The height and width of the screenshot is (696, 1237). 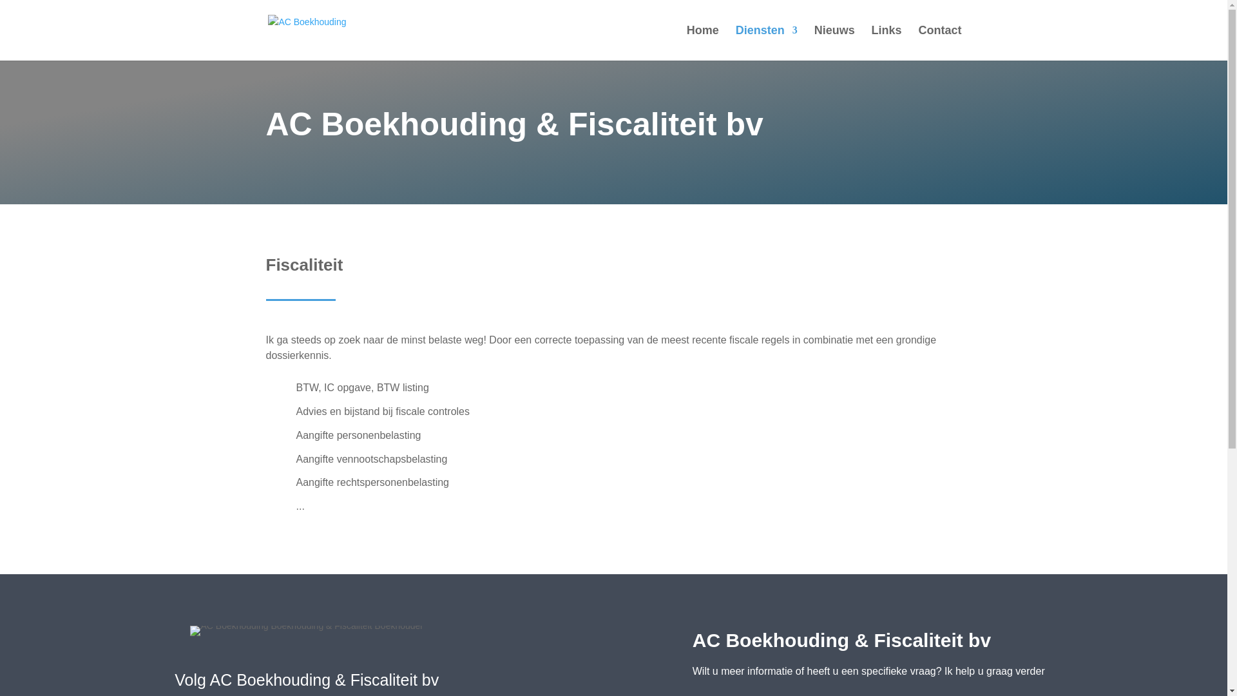 I want to click on 'Links', so click(x=886, y=42).